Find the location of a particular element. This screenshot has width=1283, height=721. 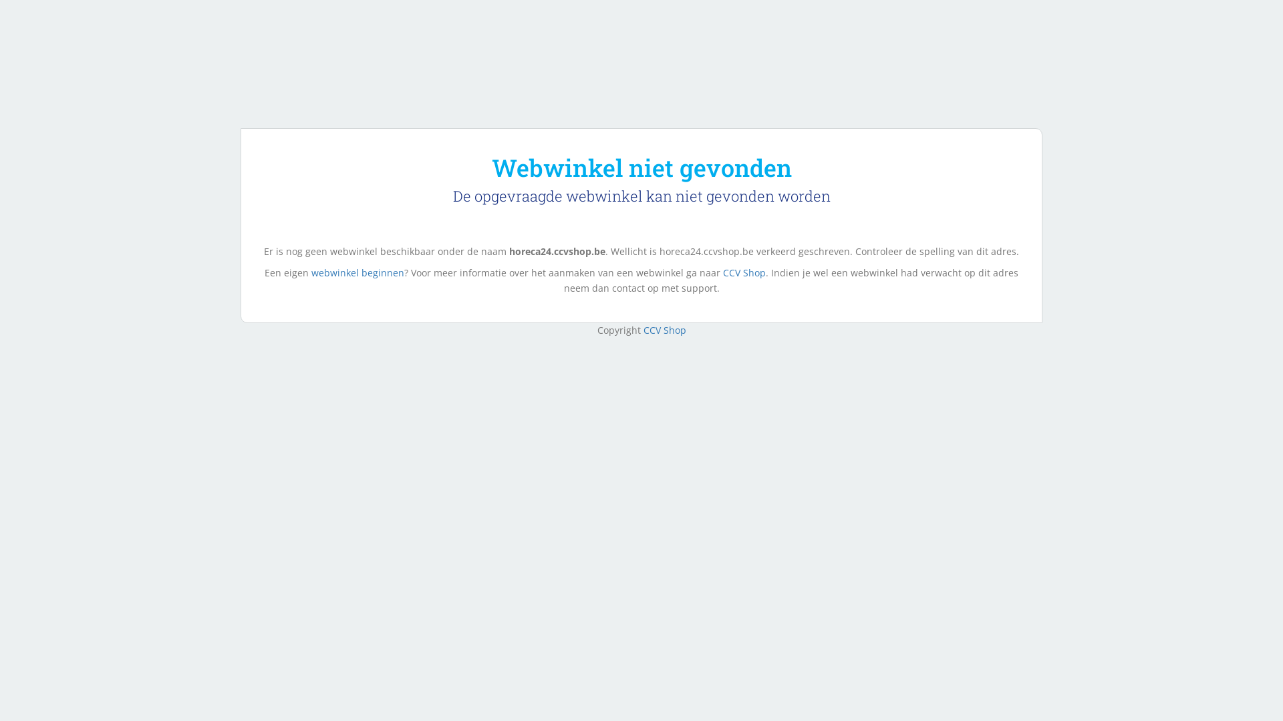

'CCV Shop' is located at coordinates (743, 272).